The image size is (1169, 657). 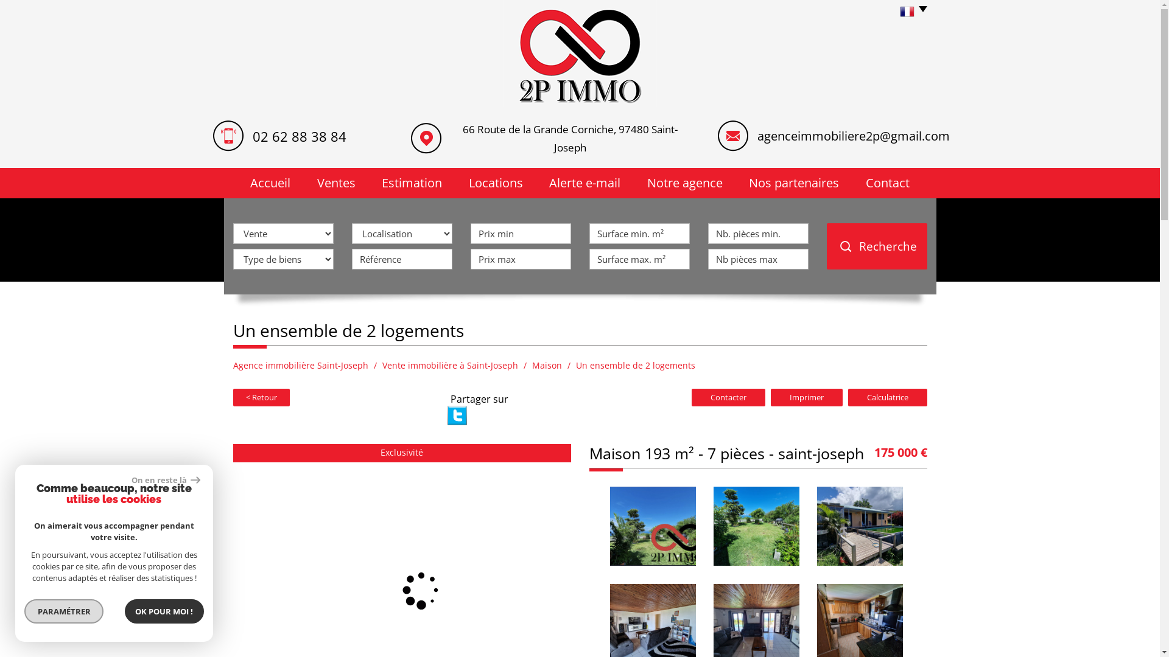 What do you see at coordinates (546, 364) in the screenshot?
I see `'Maison'` at bounding box center [546, 364].